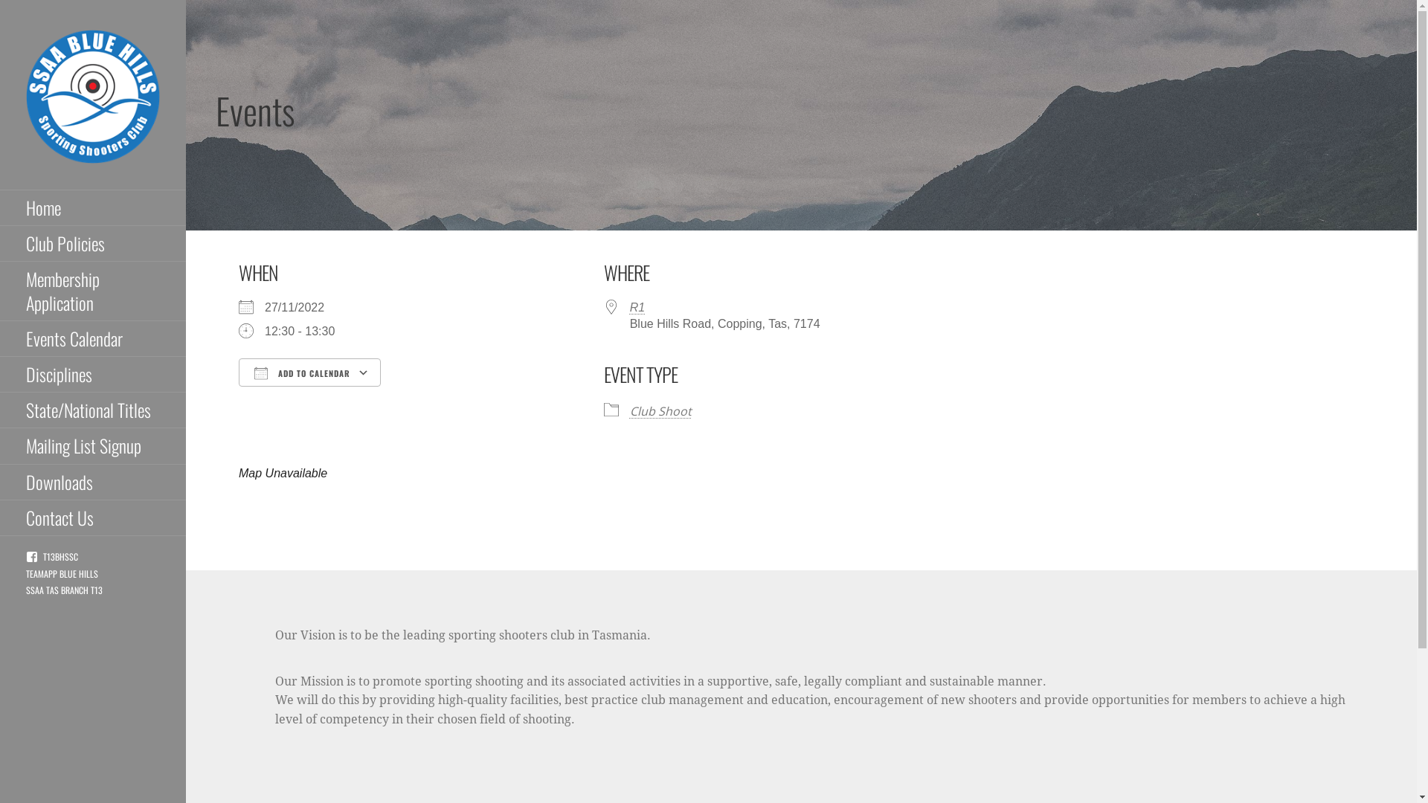  What do you see at coordinates (91, 410) in the screenshot?
I see `'State/National Titles'` at bounding box center [91, 410].